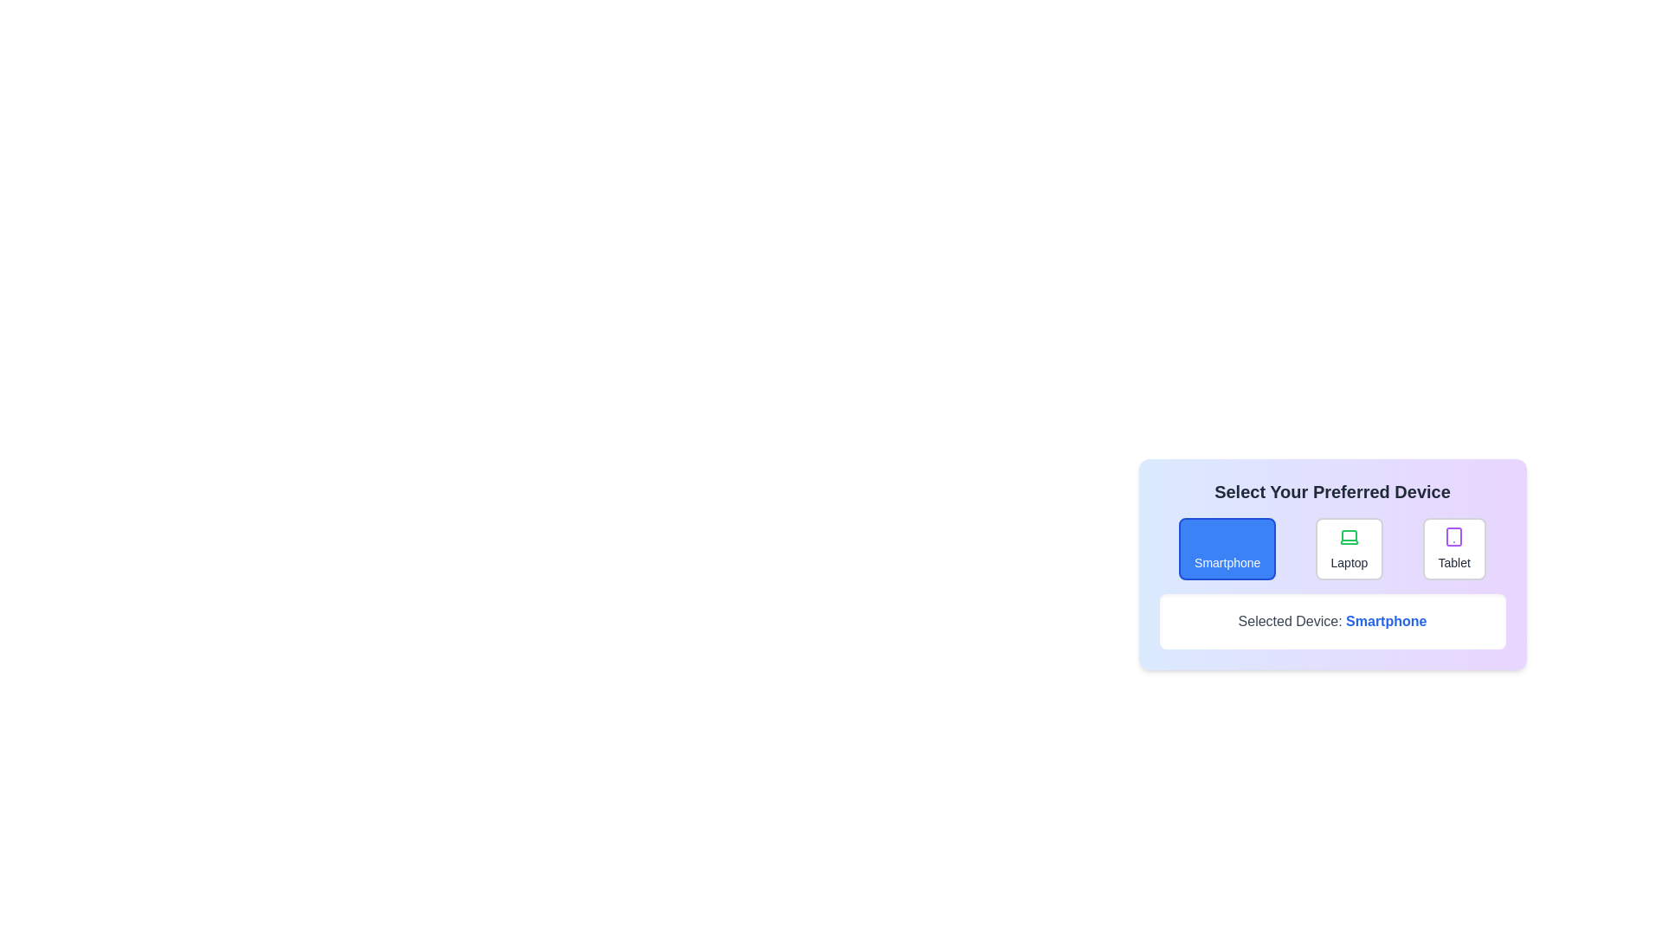 This screenshot has height=934, width=1662. I want to click on the Text Label that indicates the currently selected device, which displays 'Smartphone' as part of the sentence 'Selected Device: Smartphone.', so click(1386, 620).